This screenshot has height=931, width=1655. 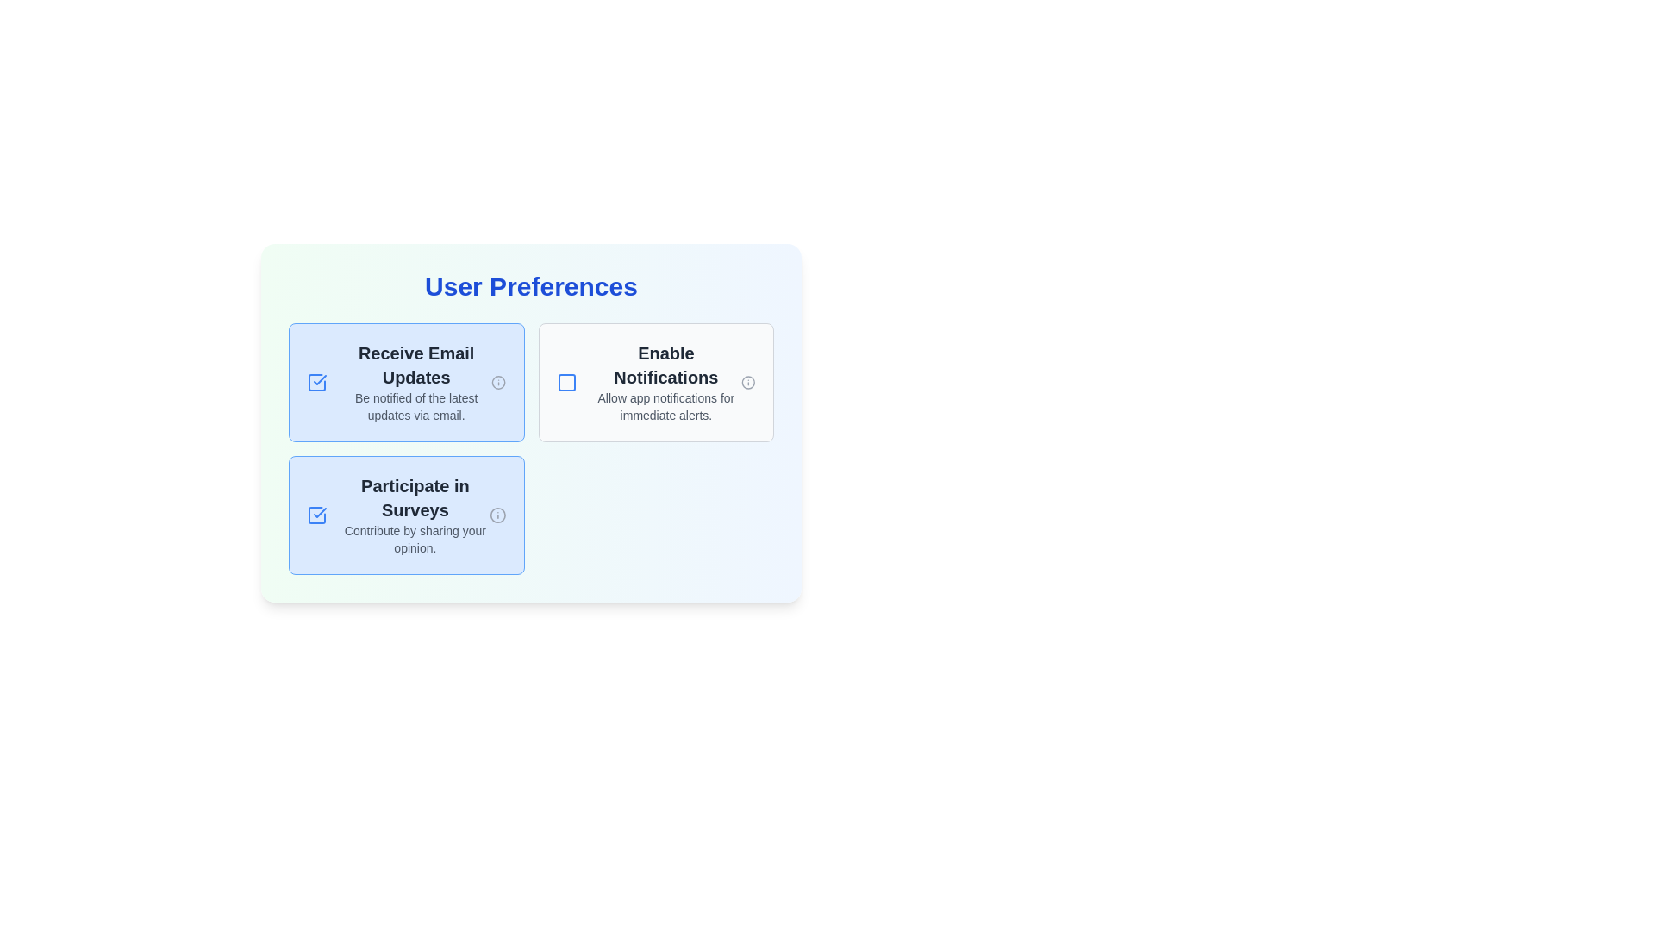 I want to click on the checkbox that enables or disables application notifications, located in the second position of the 'User Preferences' grid, so click(x=647, y=381).